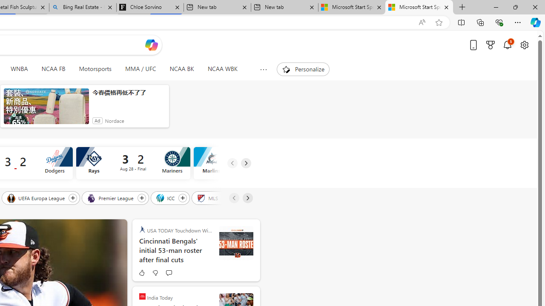 The image size is (545, 306). Describe the element at coordinates (182, 198) in the screenshot. I see `'Follow ICC'` at that location.